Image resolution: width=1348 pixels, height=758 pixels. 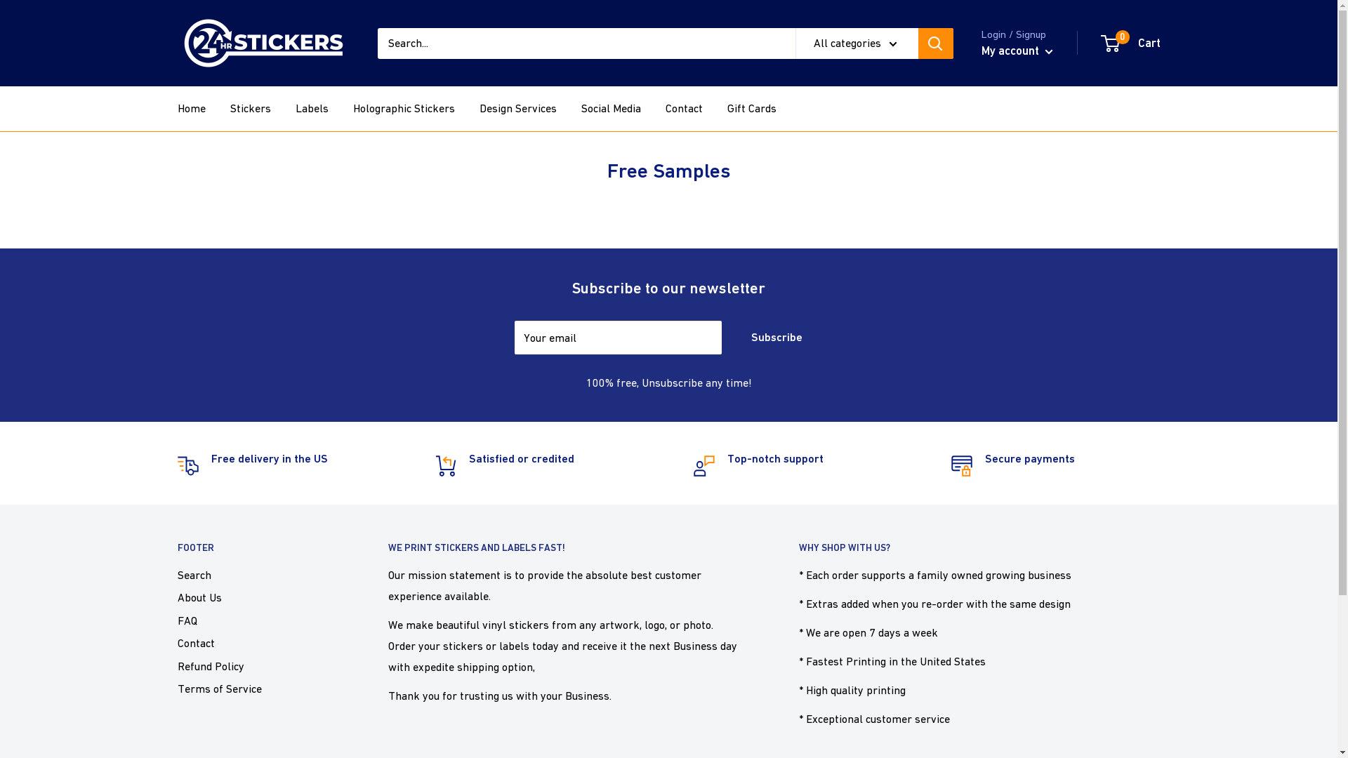 What do you see at coordinates (352, 107) in the screenshot?
I see `'Holographic Stickers'` at bounding box center [352, 107].